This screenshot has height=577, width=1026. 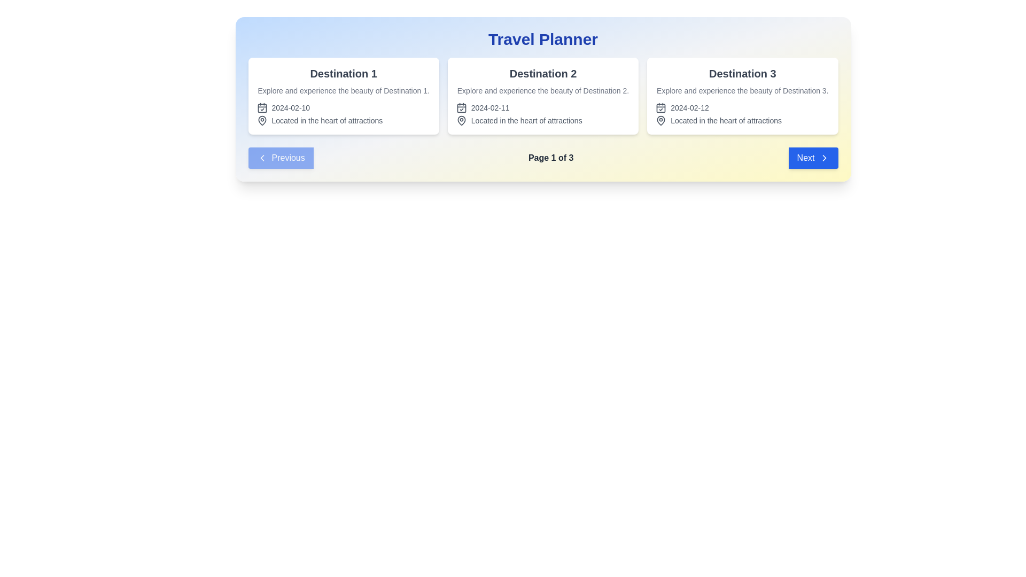 What do you see at coordinates (344, 96) in the screenshot?
I see `text content of the Informational Card, which is the first item in a grid layout of three cards, located at the top-left corner` at bounding box center [344, 96].